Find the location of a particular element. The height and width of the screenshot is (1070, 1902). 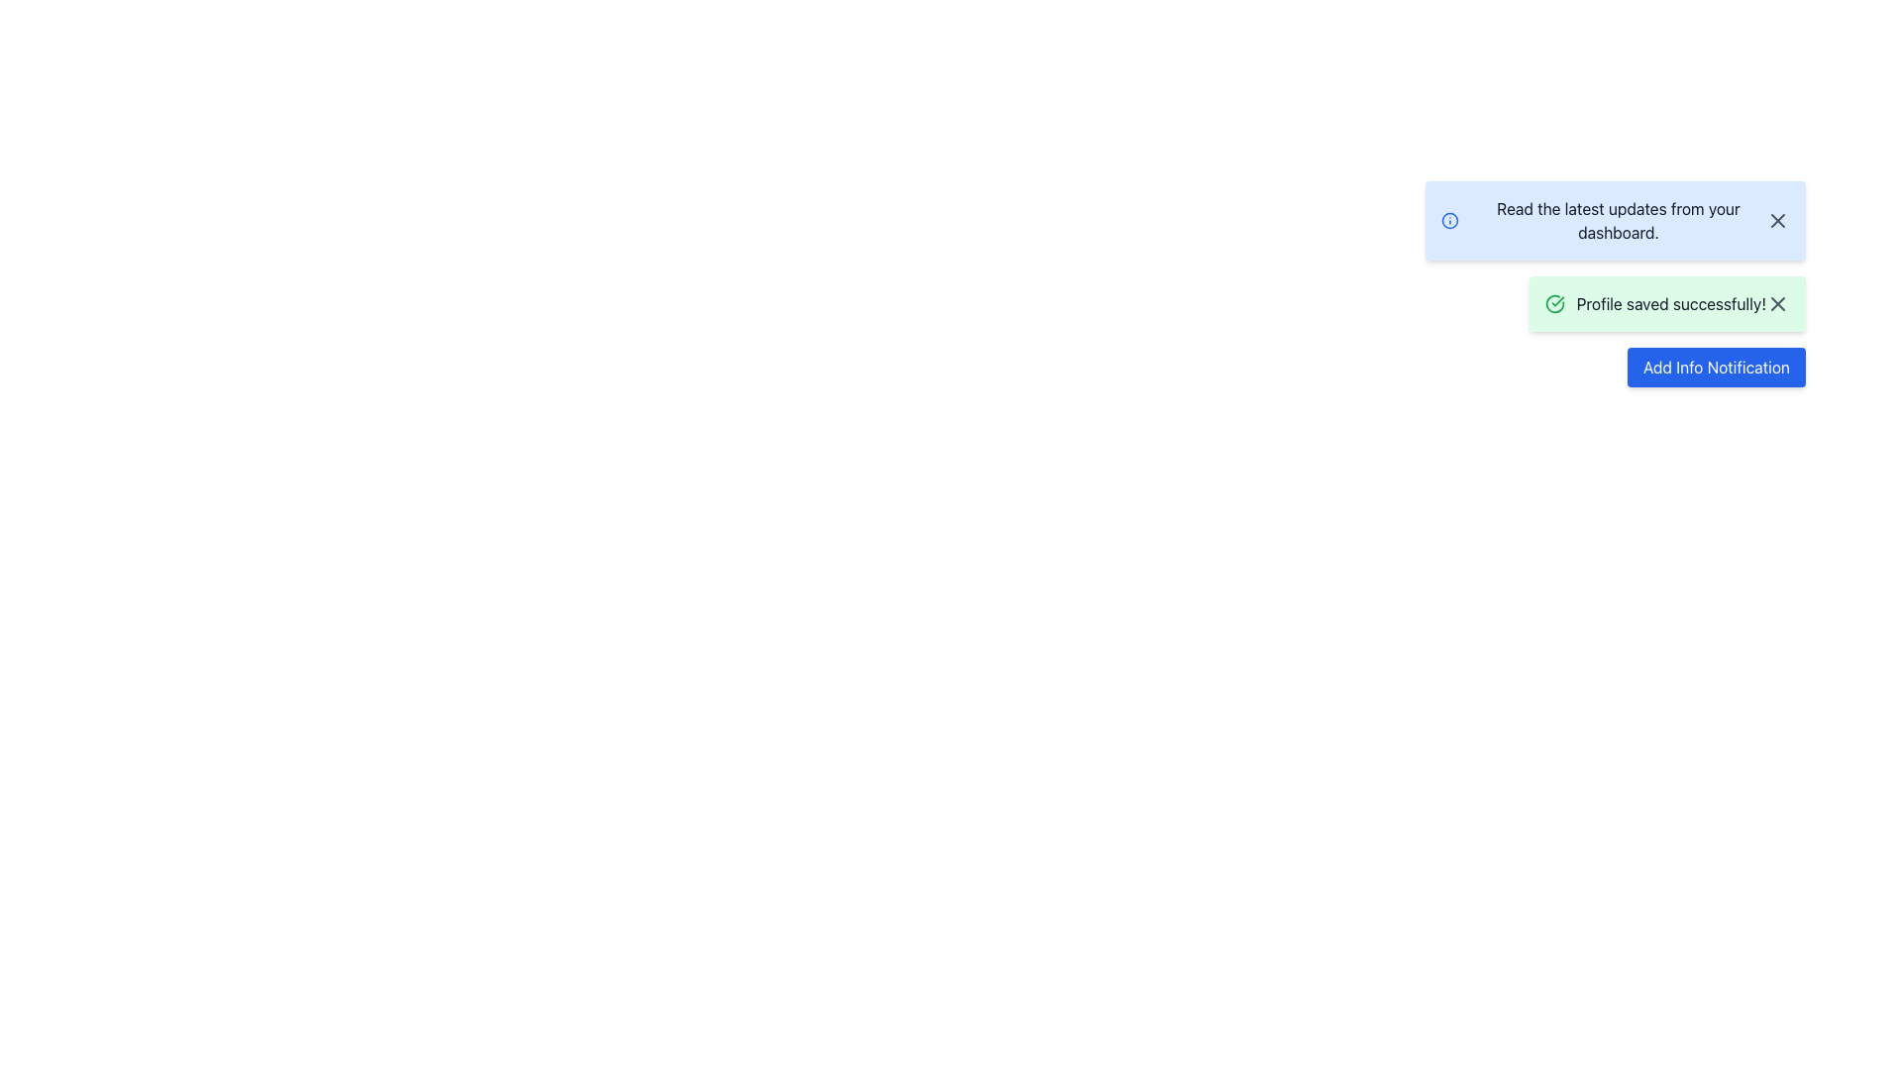

the informational icon located in the blue notification banner at the top right of the interface is located at coordinates (1450, 221).